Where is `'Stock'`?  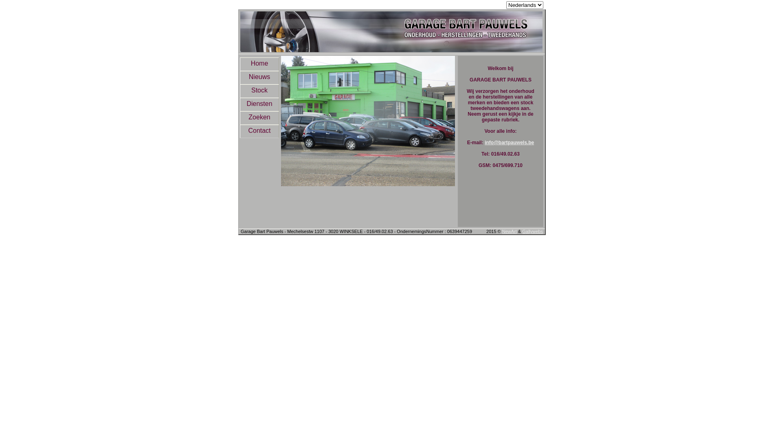
'Stock' is located at coordinates (259, 91).